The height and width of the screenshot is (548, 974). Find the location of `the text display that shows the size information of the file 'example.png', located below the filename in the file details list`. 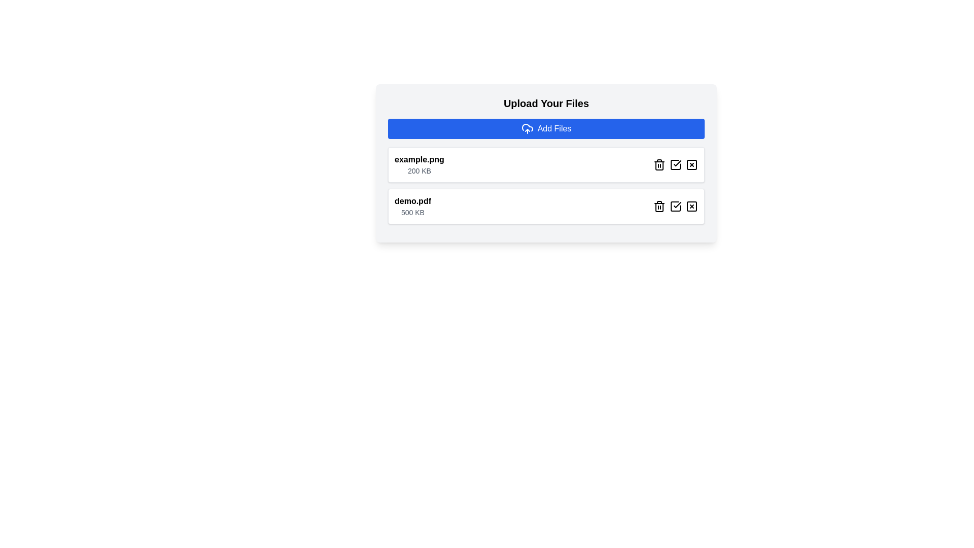

the text display that shows the size information of the file 'example.png', located below the filename in the file details list is located at coordinates (419, 170).